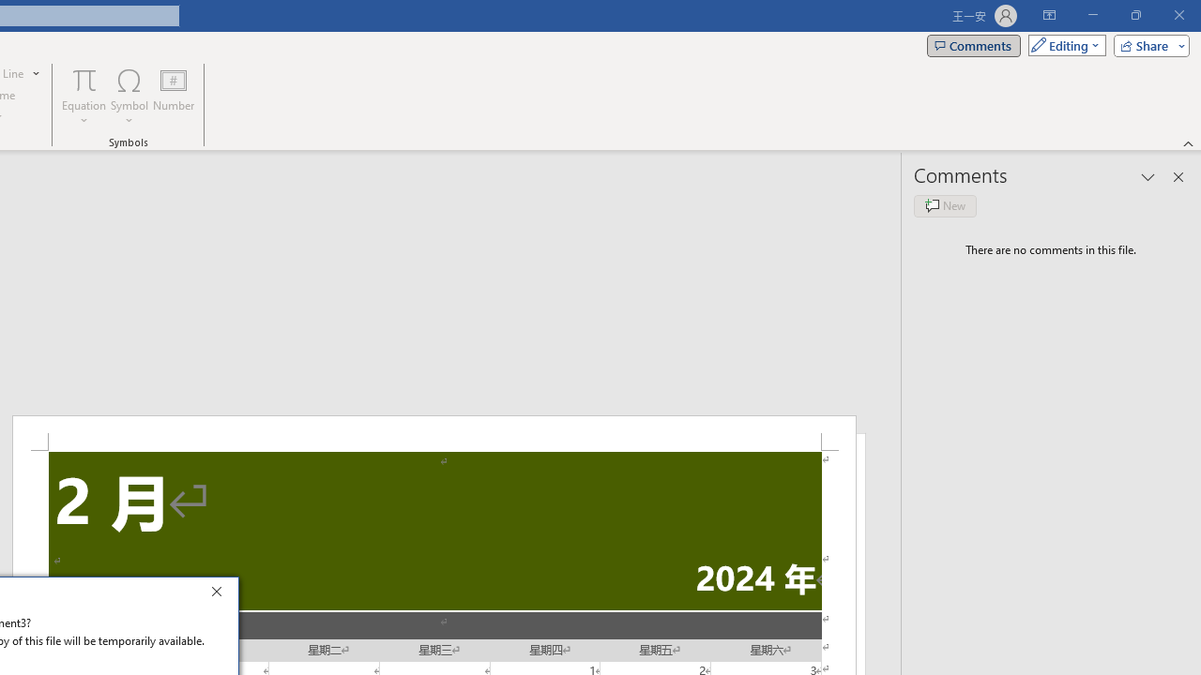 This screenshot has height=675, width=1201. I want to click on 'Close pane', so click(1178, 177).